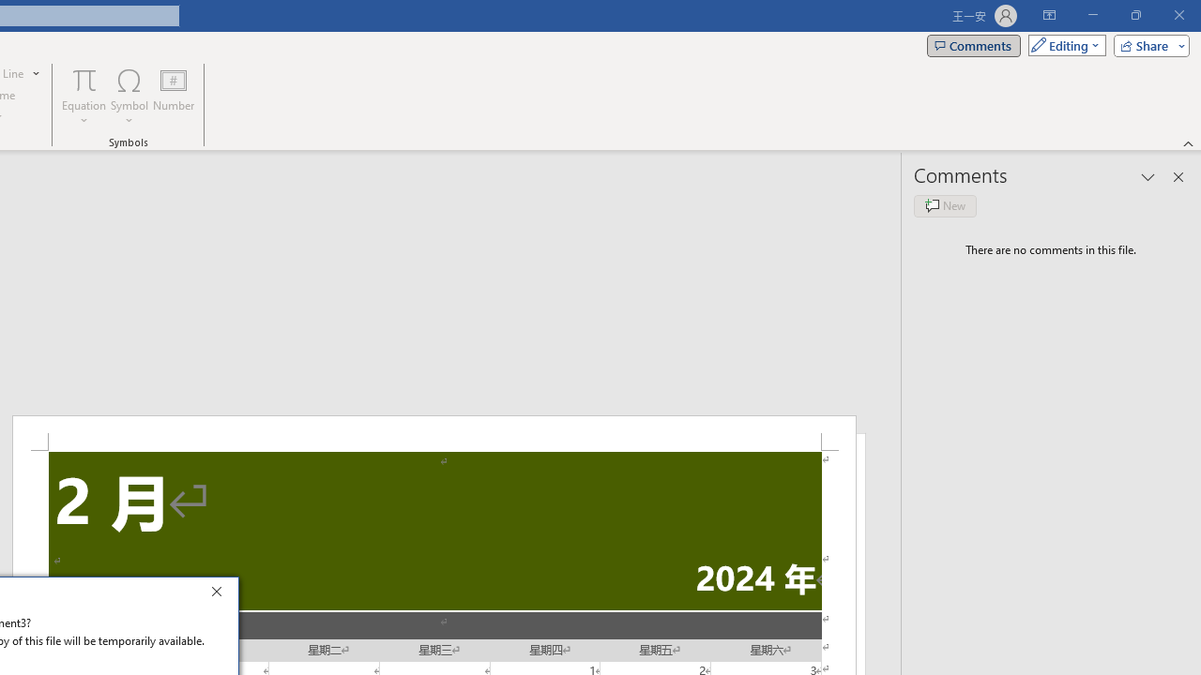 This screenshot has height=675, width=1201. I want to click on 'Close pane', so click(1178, 177).